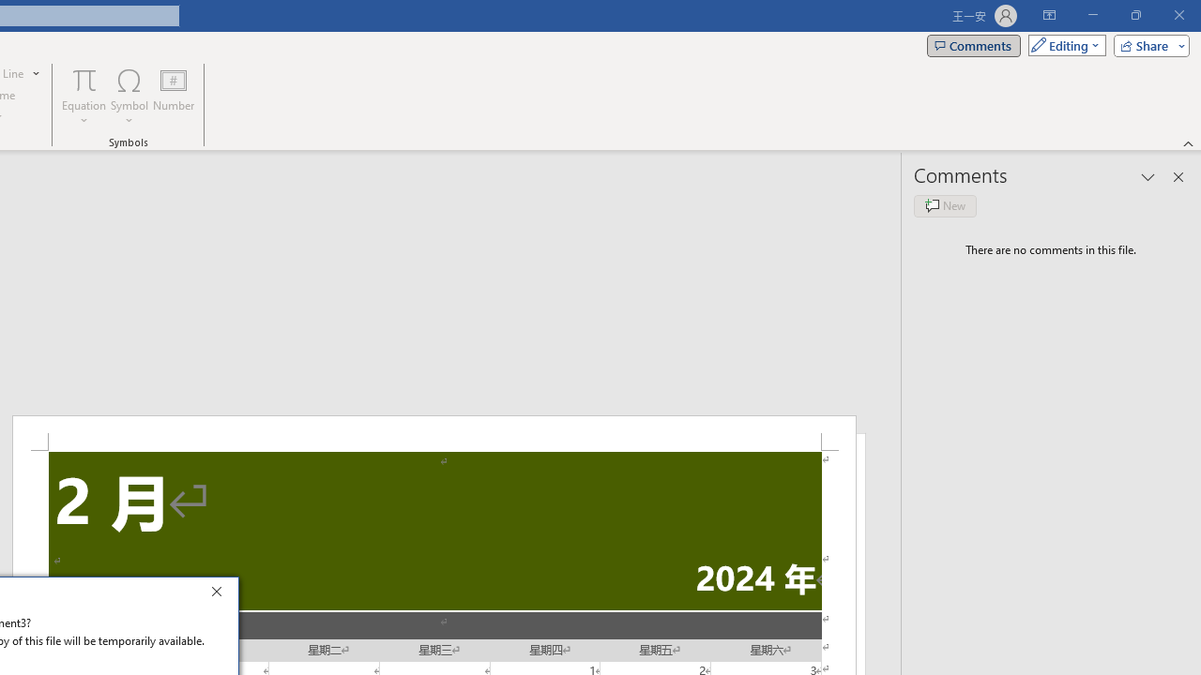 This screenshot has height=675, width=1201. I want to click on 'Close pane', so click(1178, 177).